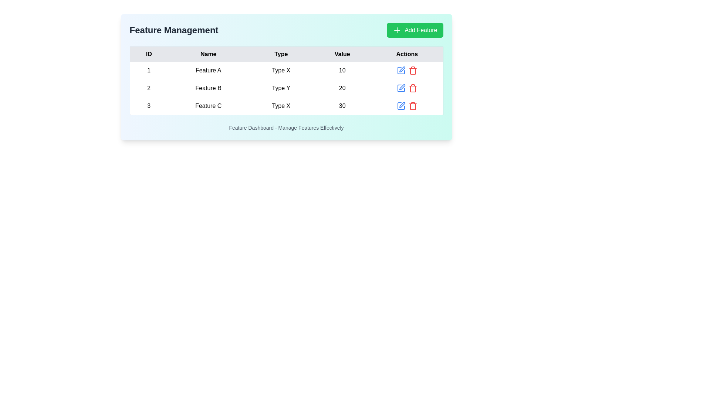  Describe the element at coordinates (208, 88) in the screenshot. I see `the text label reading 'Feature B' located in the second row of the table under the 'Name' column` at that location.